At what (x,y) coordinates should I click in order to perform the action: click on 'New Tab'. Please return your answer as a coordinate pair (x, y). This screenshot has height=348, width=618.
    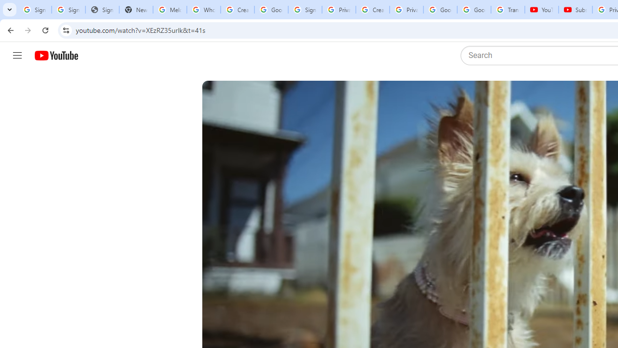
    Looking at the image, I should click on (136, 10).